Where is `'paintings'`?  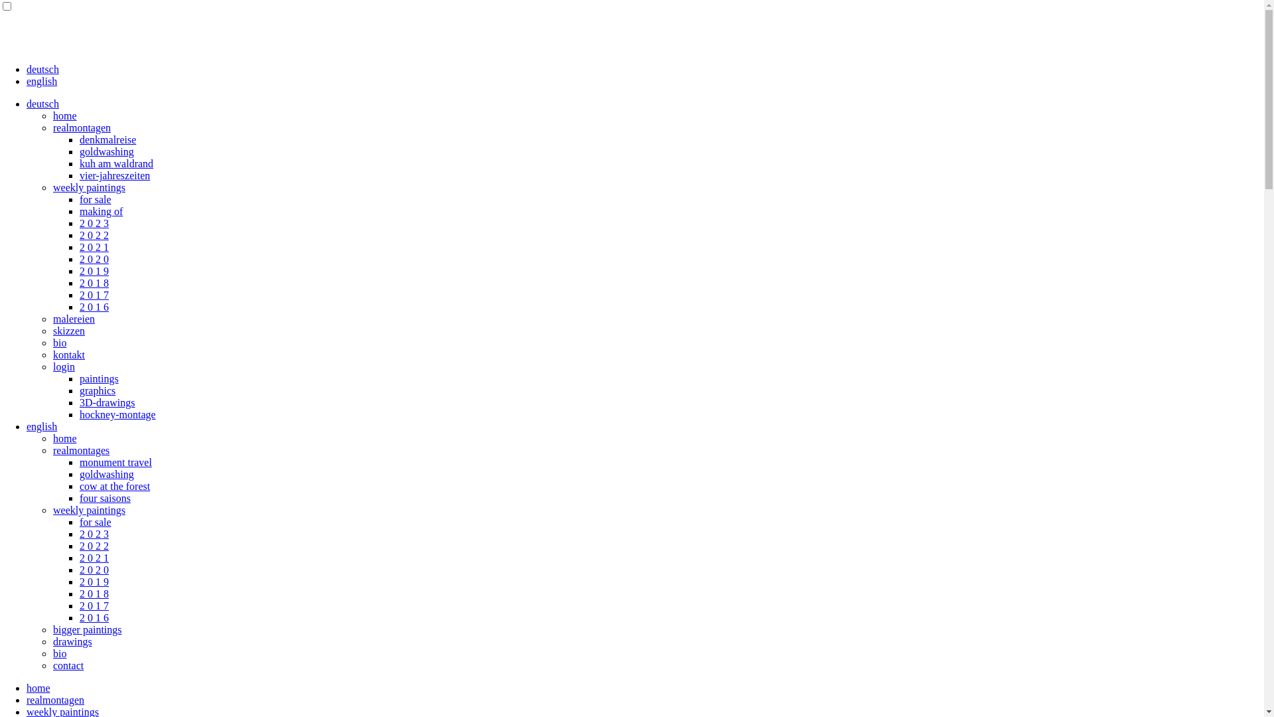 'paintings' is located at coordinates (98, 378).